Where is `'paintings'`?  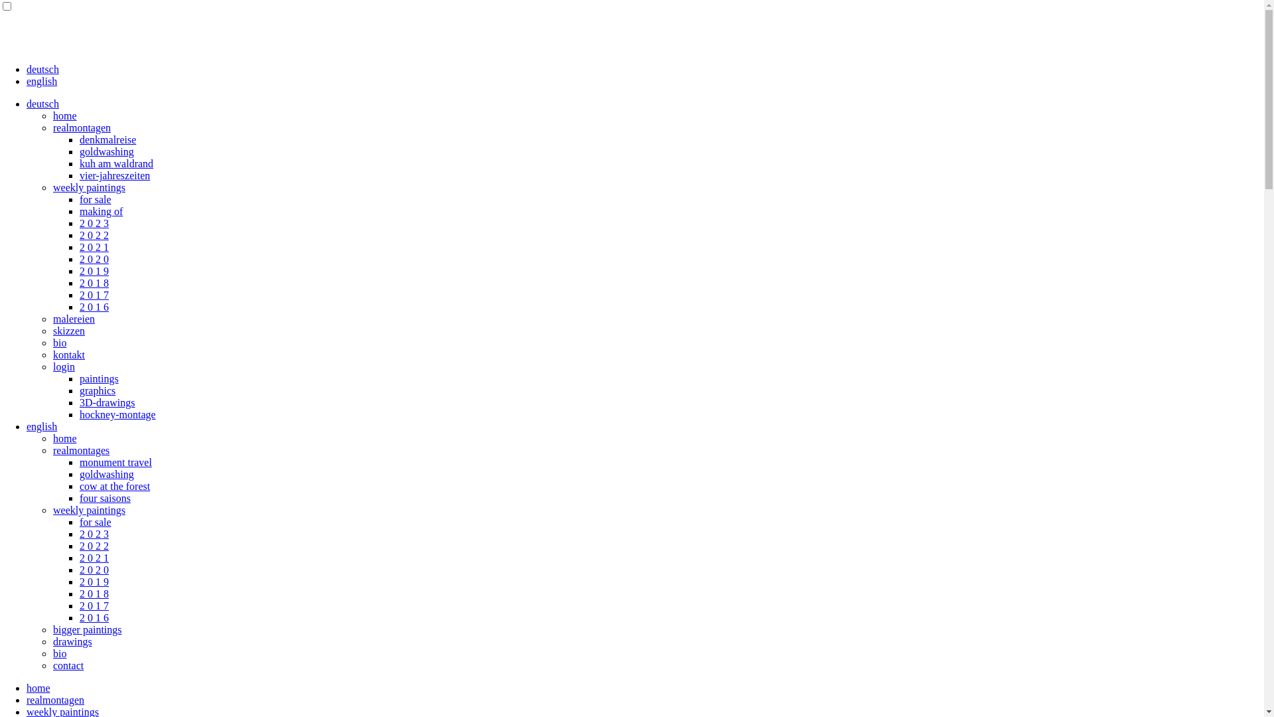 'paintings' is located at coordinates (98, 378).